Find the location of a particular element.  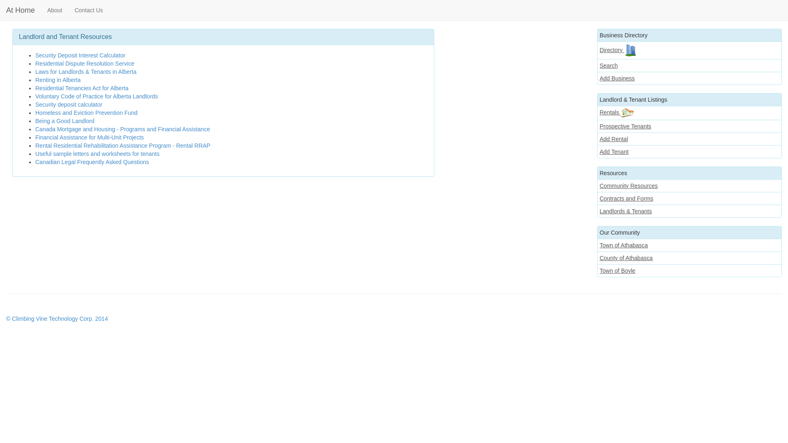

'About' is located at coordinates (54, 10).